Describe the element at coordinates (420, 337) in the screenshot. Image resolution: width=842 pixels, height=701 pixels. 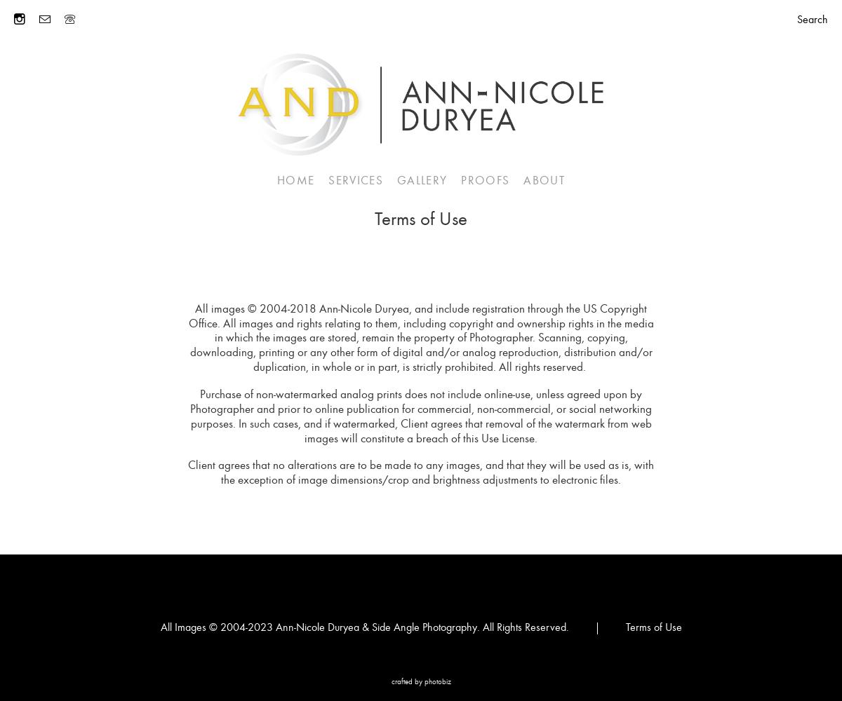
I see `'All images © 2004-2018 Ann-Nicole Duryea, and include registration through the US Copyright Office. All images and rights relating to them, including copyright and ownership rights in the media in which the images are stored, remain the property of Photographer. Scanning, copying, downloading, printing or any other form of digital and/or analog reproduction, distribution and/or duplication, in whole or in part, is strictly prohibited. All rights reserved.'` at that location.